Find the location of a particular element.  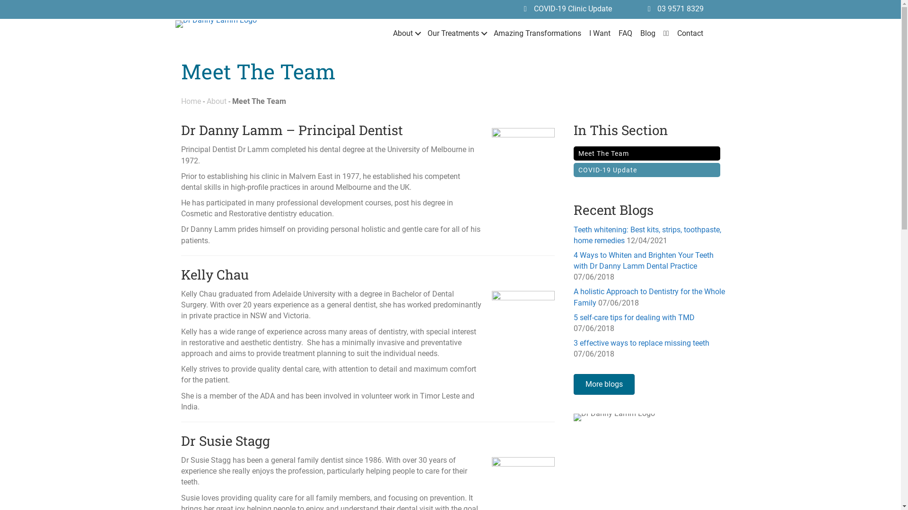

'03 9571 8329' is located at coordinates (680, 8).